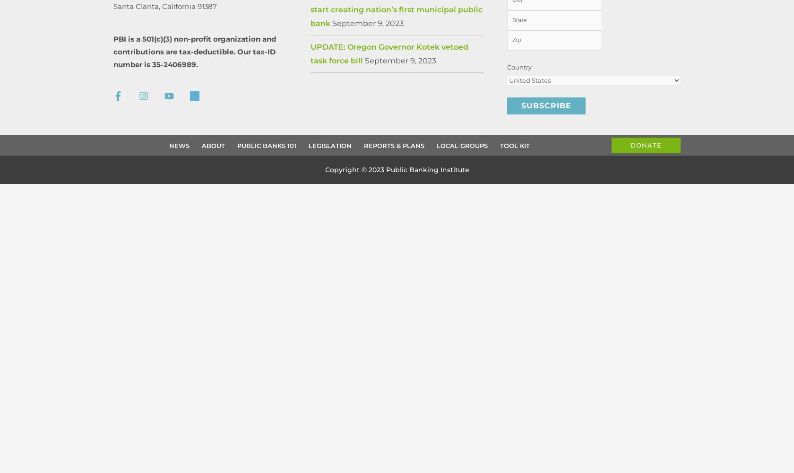 Image resolution: width=794 pixels, height=473 pixels. What do you see at coordinates (310, 53) in the screenshot?
I see `'UPDATE: Oregon Governor Kotek vetoed task force bill'` at bounding box center [310, 53].